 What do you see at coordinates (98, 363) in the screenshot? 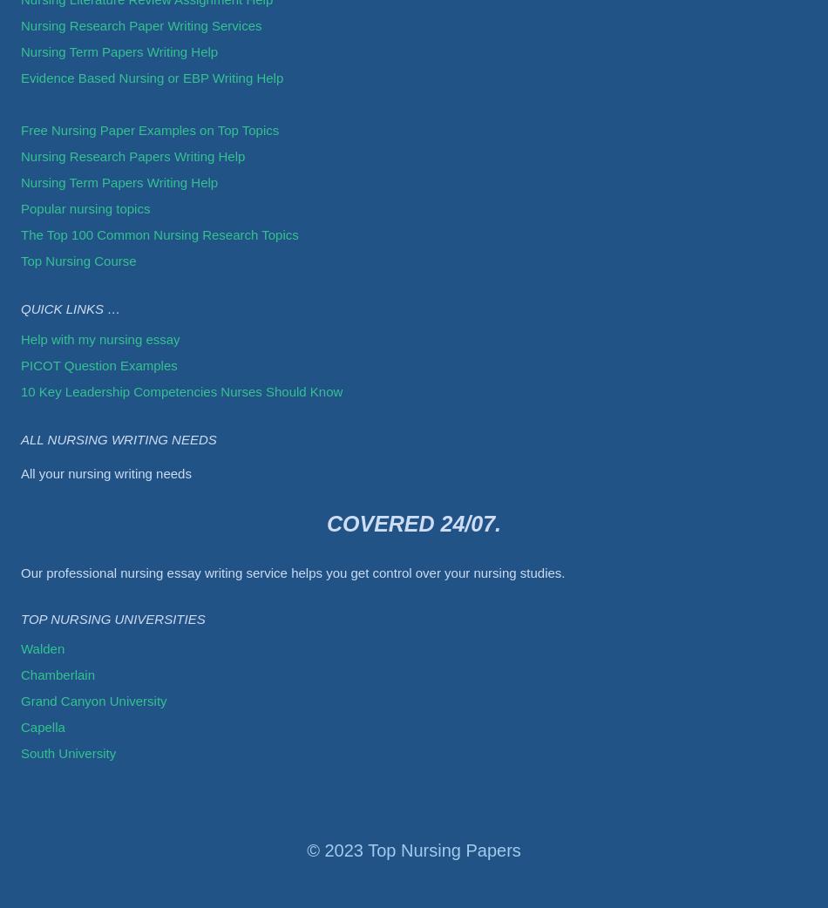
I see `'PICOT Question Examples'` at bounding box center [98, 363].